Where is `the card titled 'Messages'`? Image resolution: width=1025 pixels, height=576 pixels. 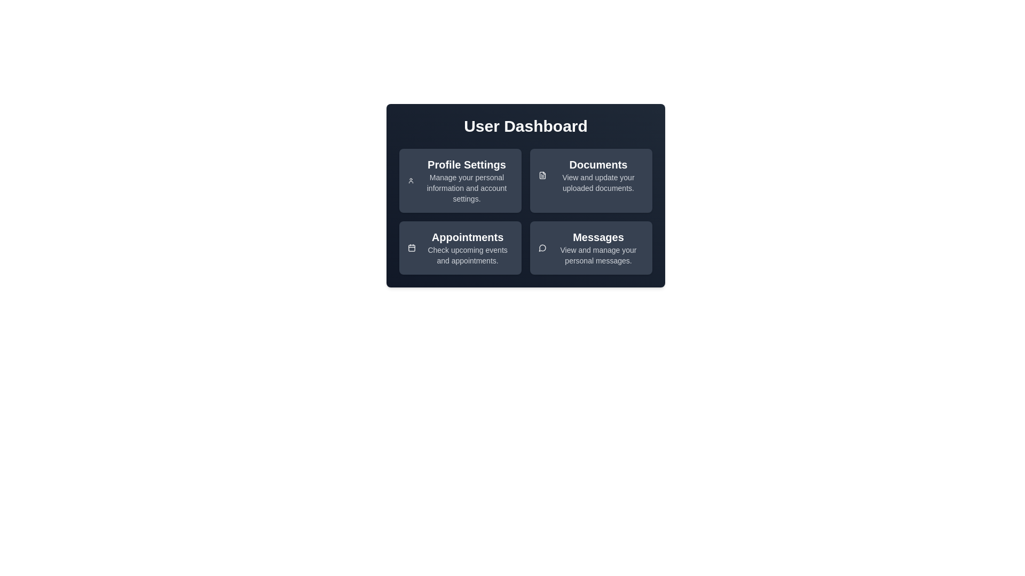 the card titled 'Messages' is located at coordinates (590, 248).